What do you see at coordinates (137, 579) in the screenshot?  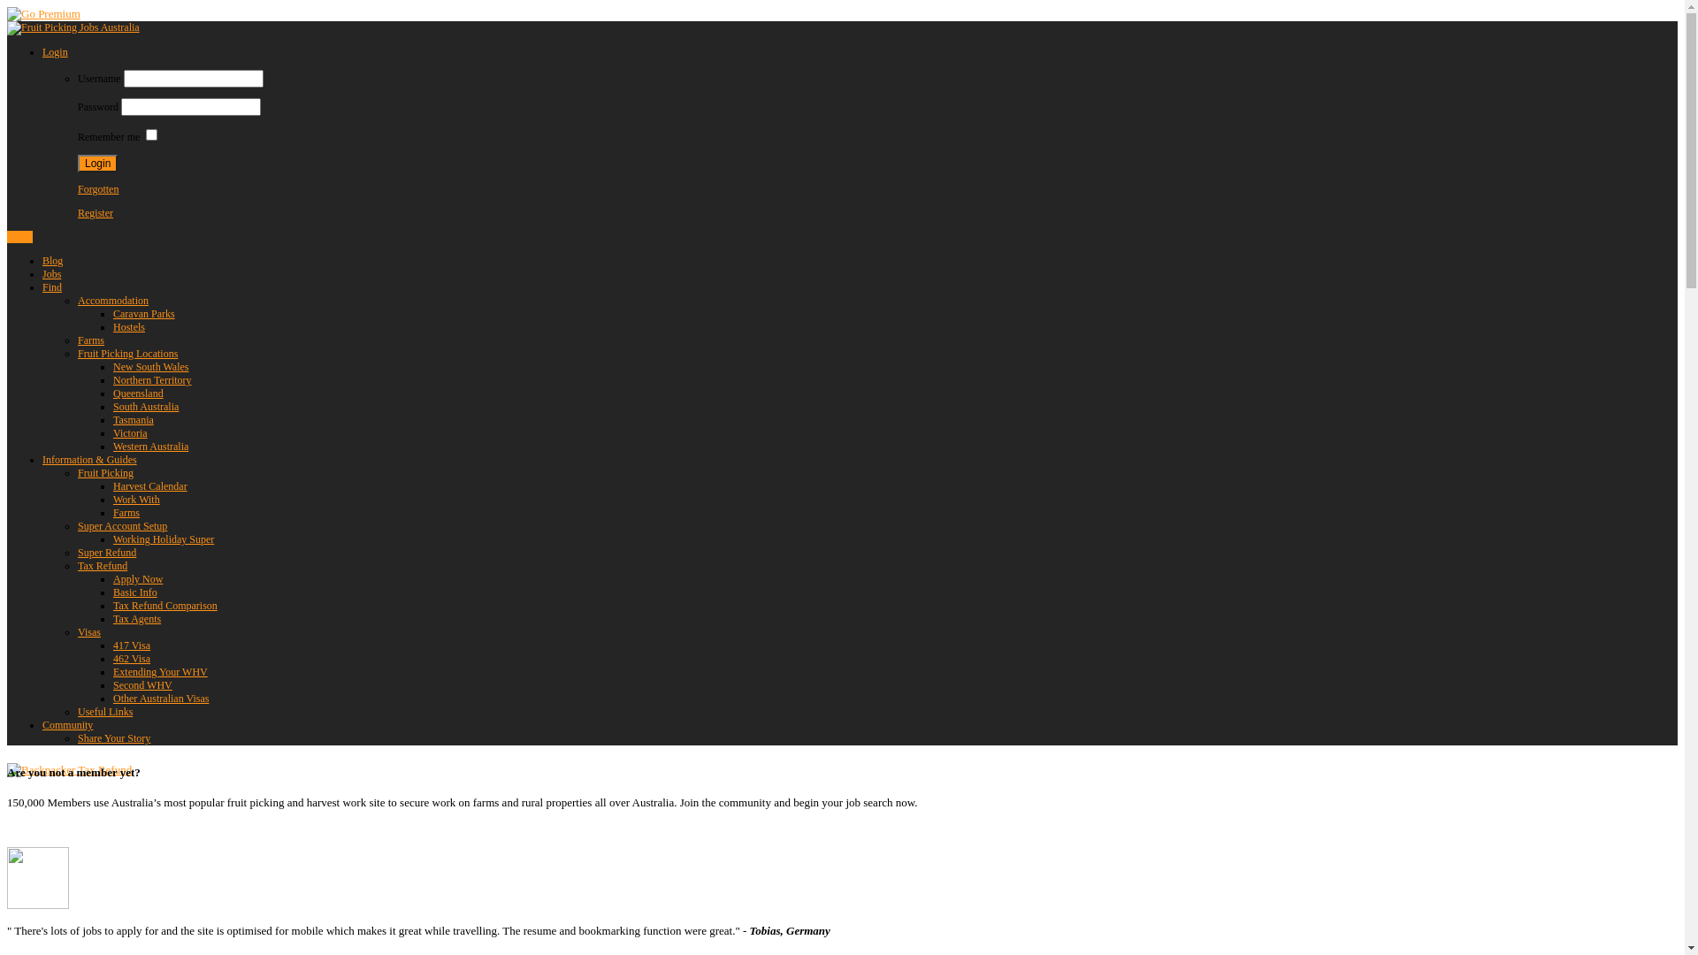 I see `'Apply Now'` at bounding box center [137, 579].